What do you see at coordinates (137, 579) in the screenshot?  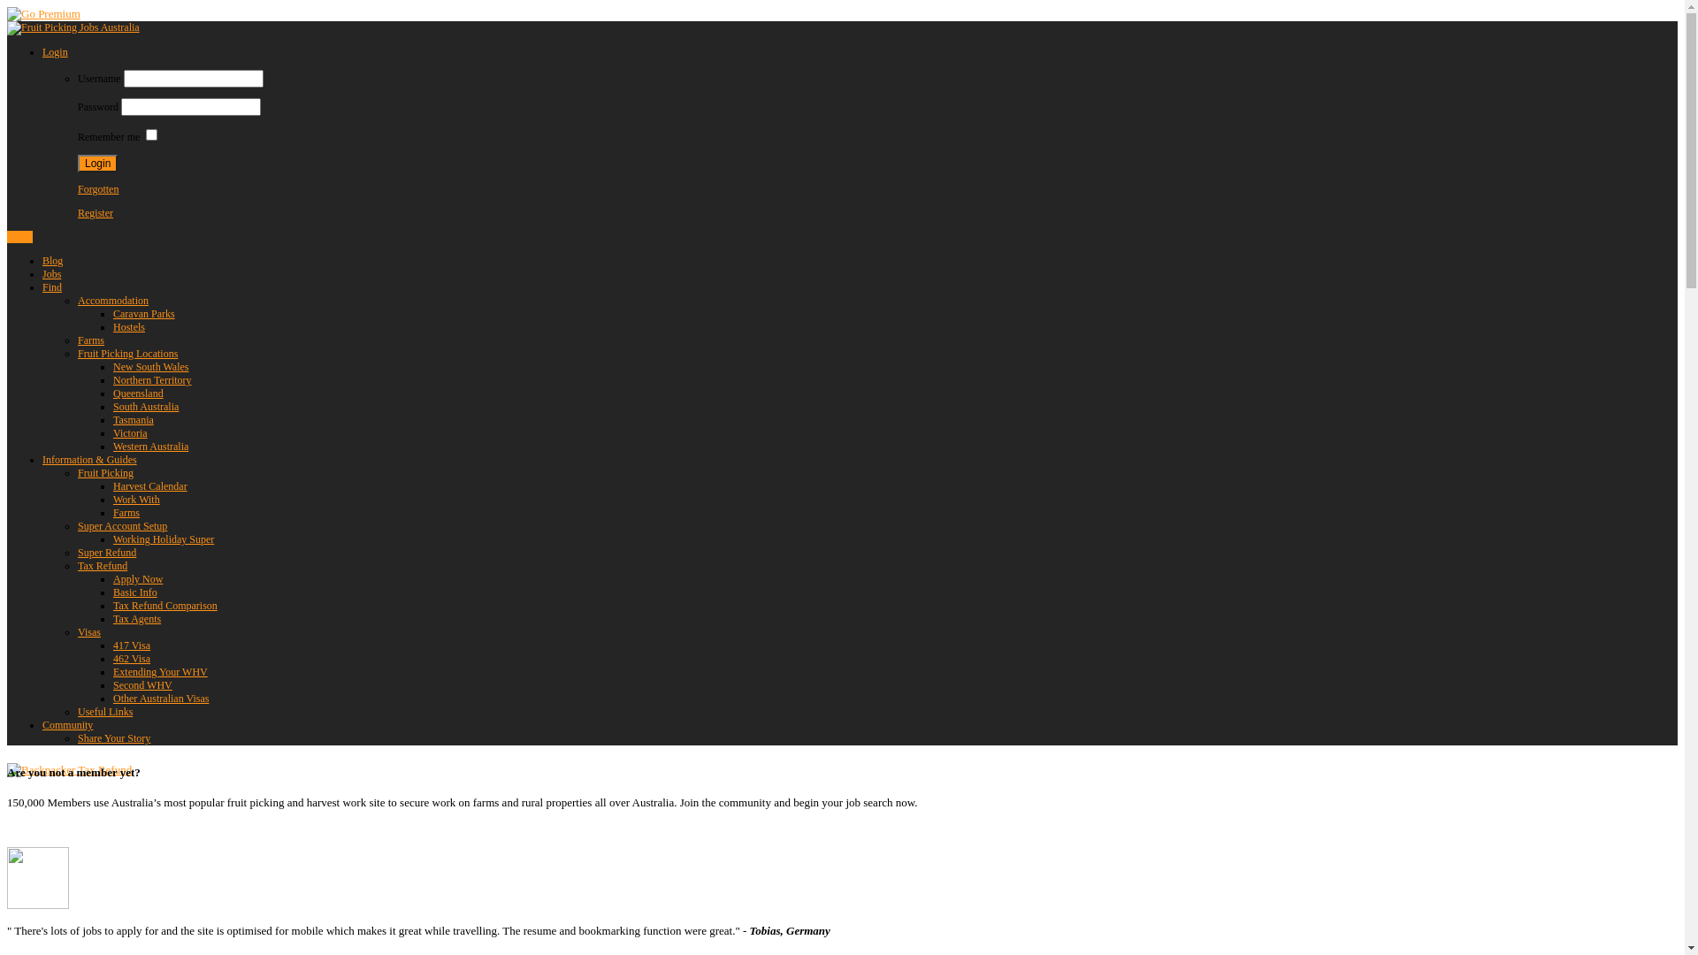 I see `'Apply Now'` at bounding box center [137, 579].